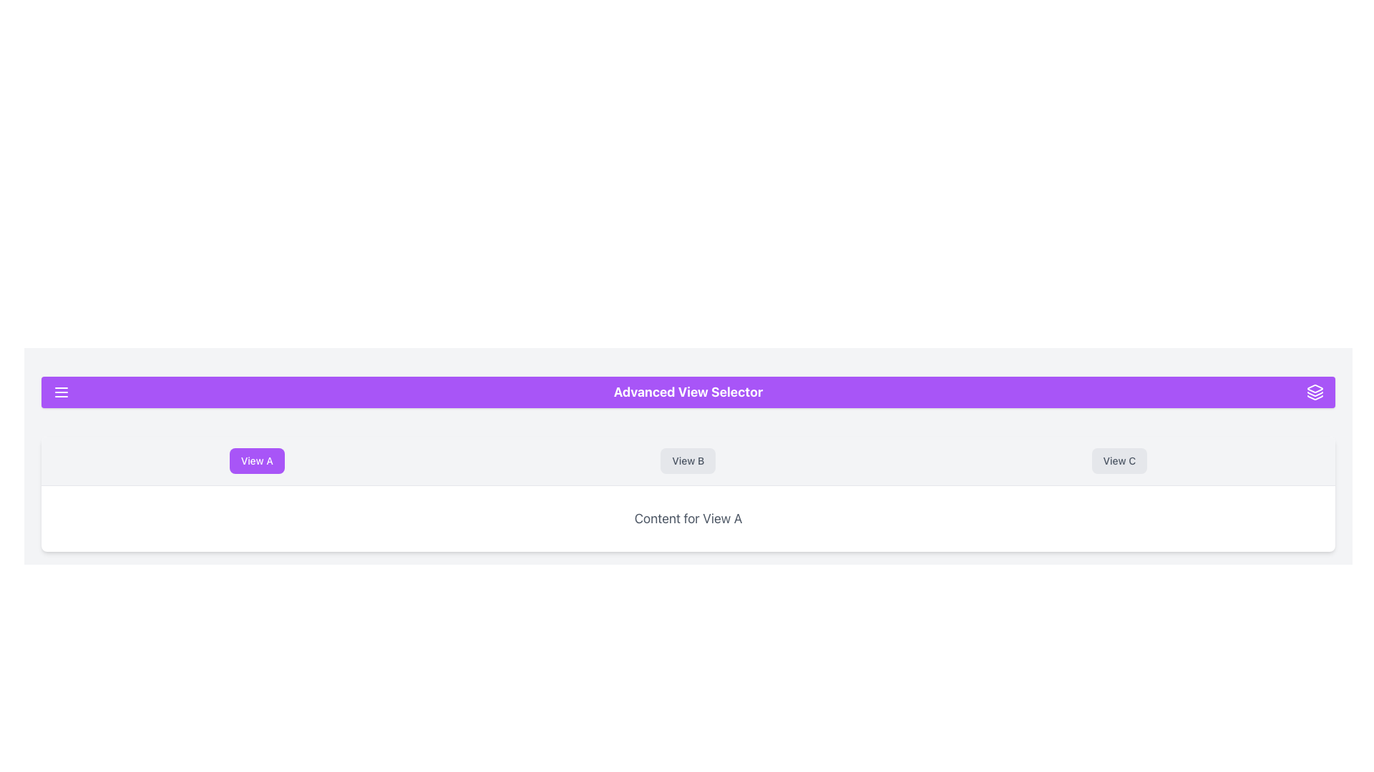 The width and height of the screenshot is (1374, 772). What do you see at coordinates (61, 392) in the screenshot?
I see `the leftmost hamburger icon with purple highlights on the purple bar` at bounding box center [61, 392].